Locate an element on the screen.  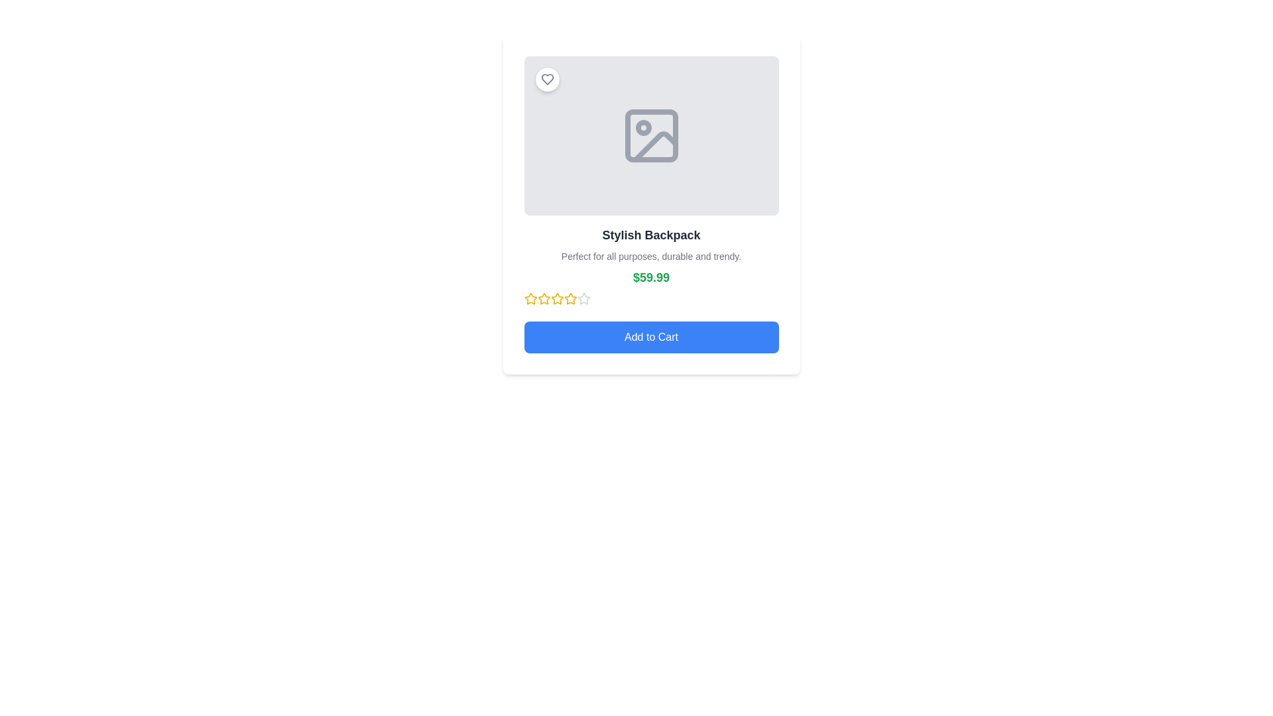
the first yellow Rating Star Icon is located at coordinates (530, 299).